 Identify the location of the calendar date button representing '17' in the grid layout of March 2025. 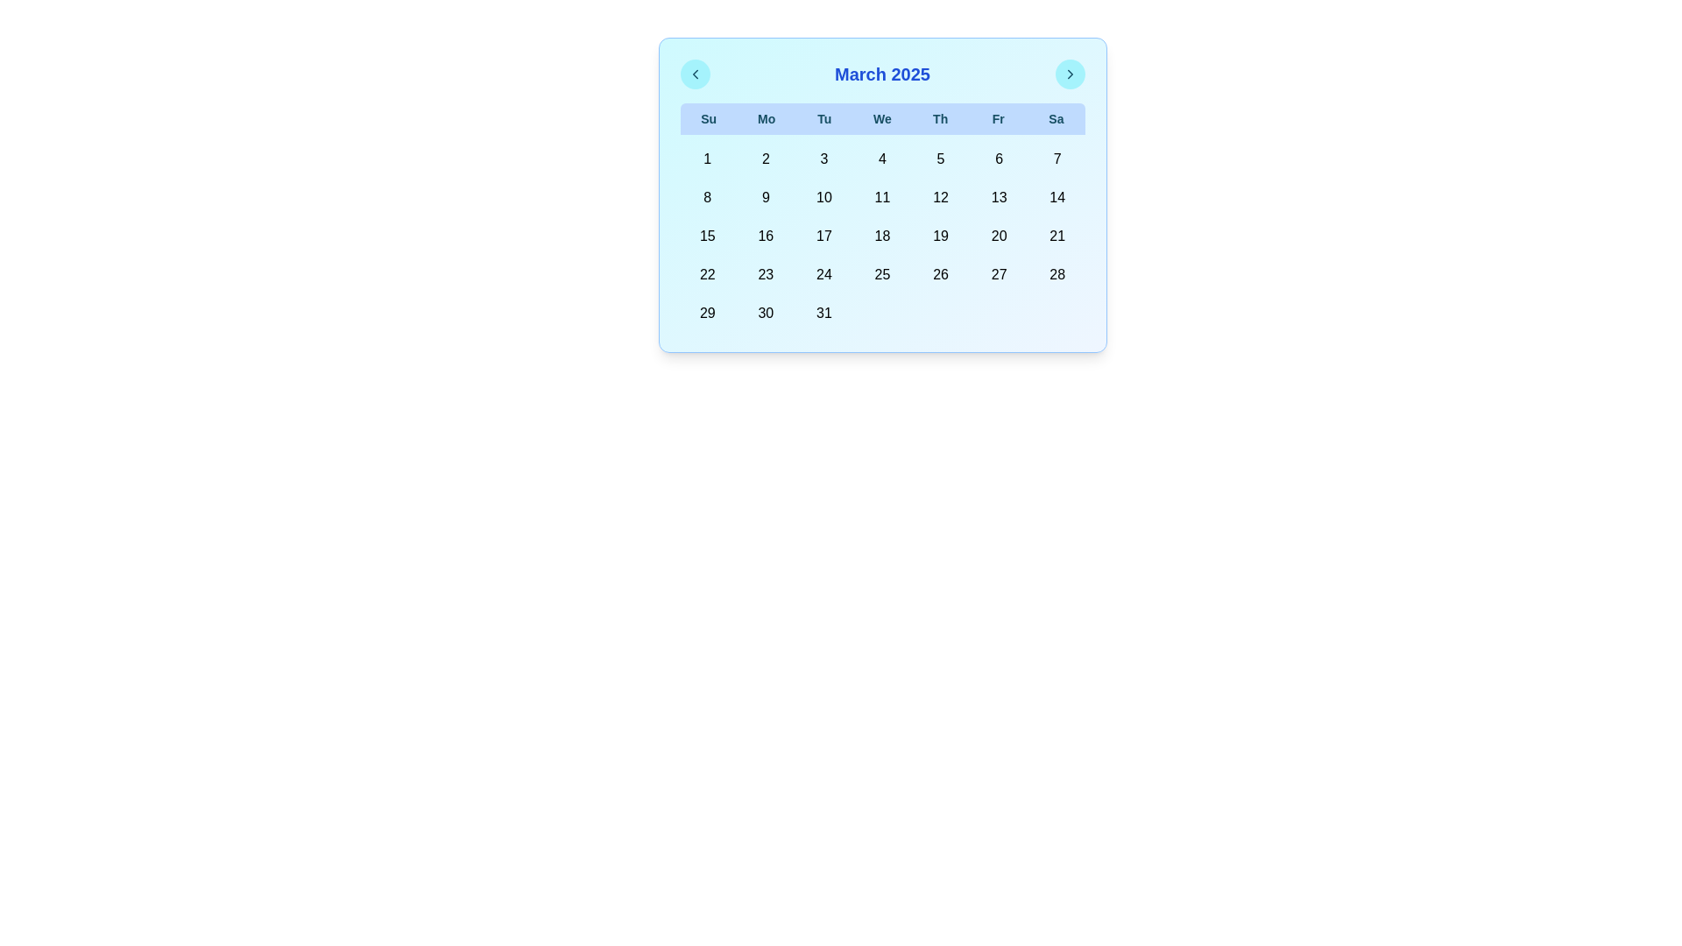
(823, 236).